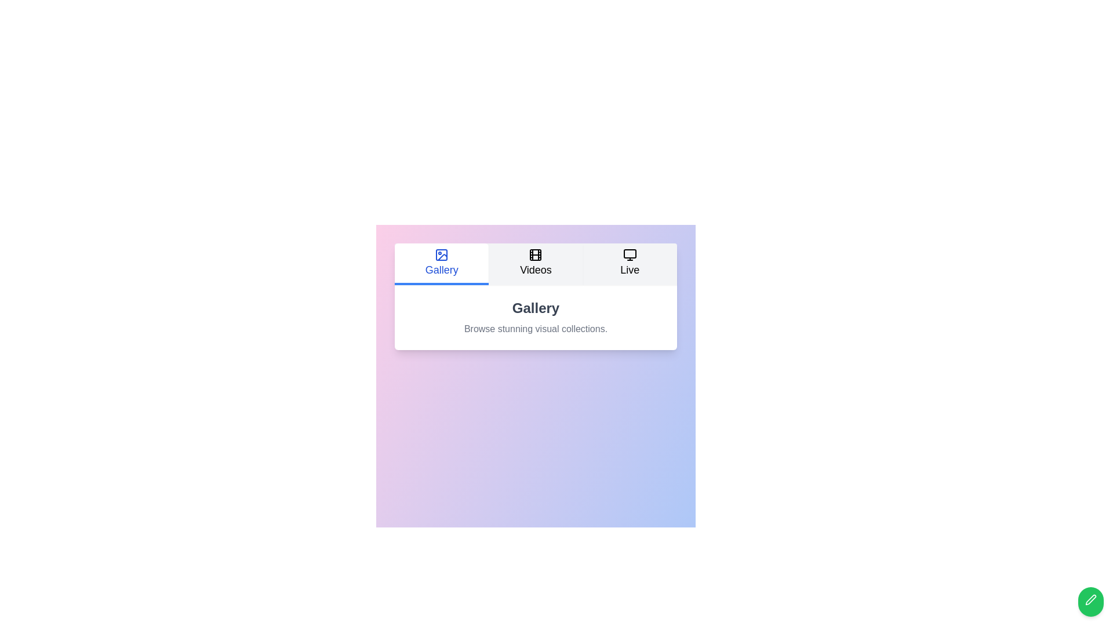 The image size is (1113, 626). What do you see at coordinates (441, 264) in the screenshot?
I see `the Gallery tab` at bounding box center [441, 264].